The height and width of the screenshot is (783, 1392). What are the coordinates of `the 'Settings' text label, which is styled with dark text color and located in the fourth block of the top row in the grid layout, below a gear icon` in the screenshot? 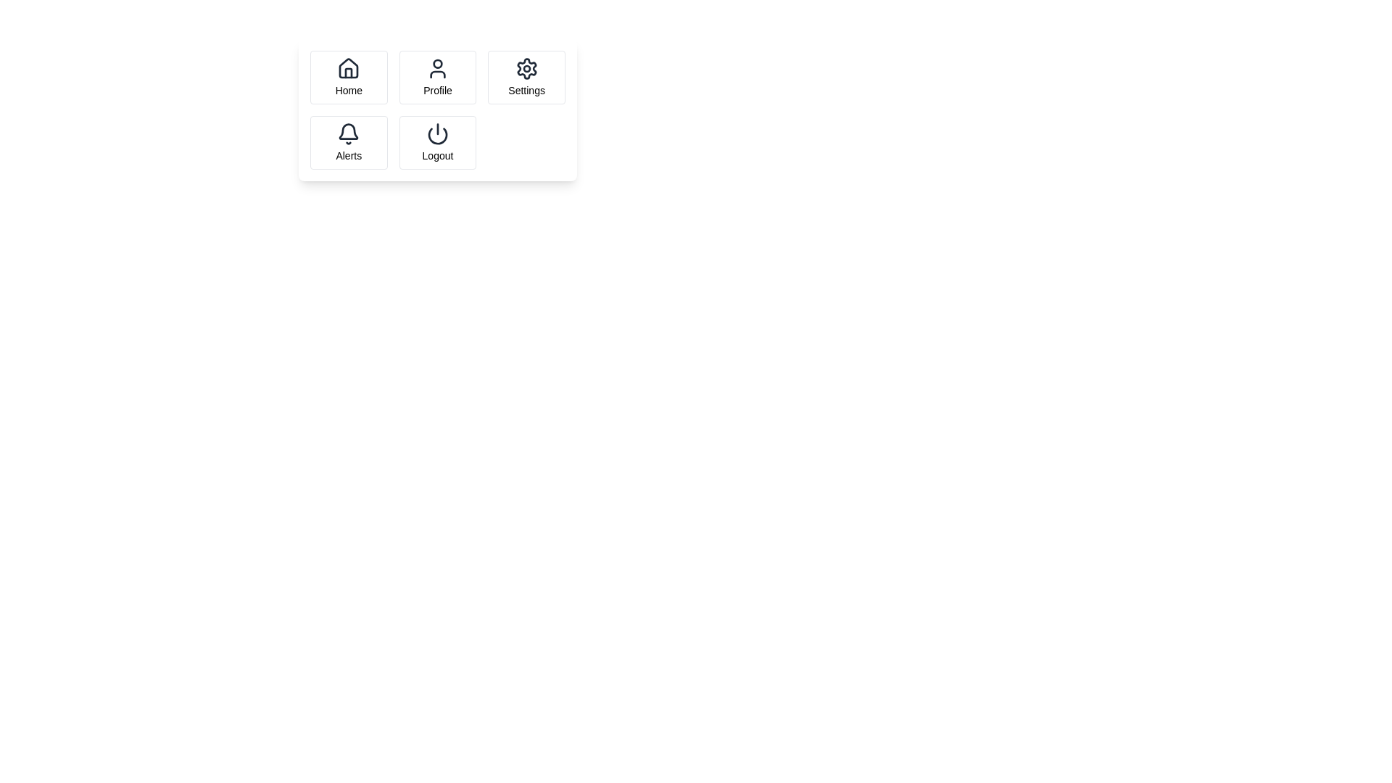 It's located at (526, 90).